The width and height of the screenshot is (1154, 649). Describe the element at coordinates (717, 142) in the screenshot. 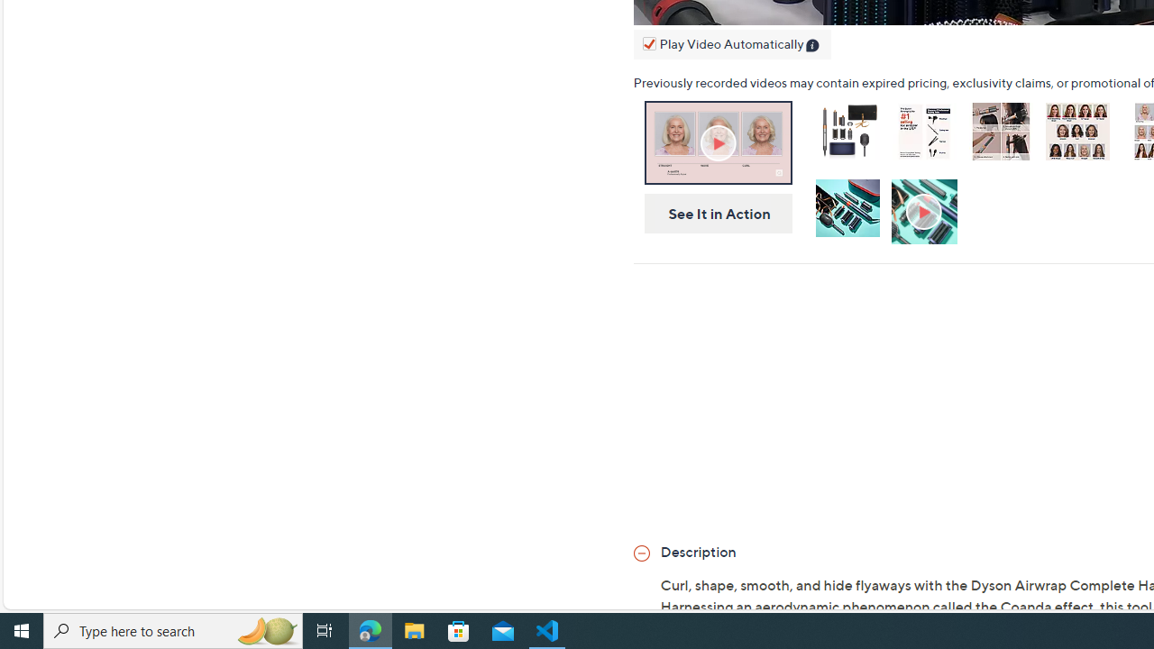

I see `'On-Air Presentation'` at that location.